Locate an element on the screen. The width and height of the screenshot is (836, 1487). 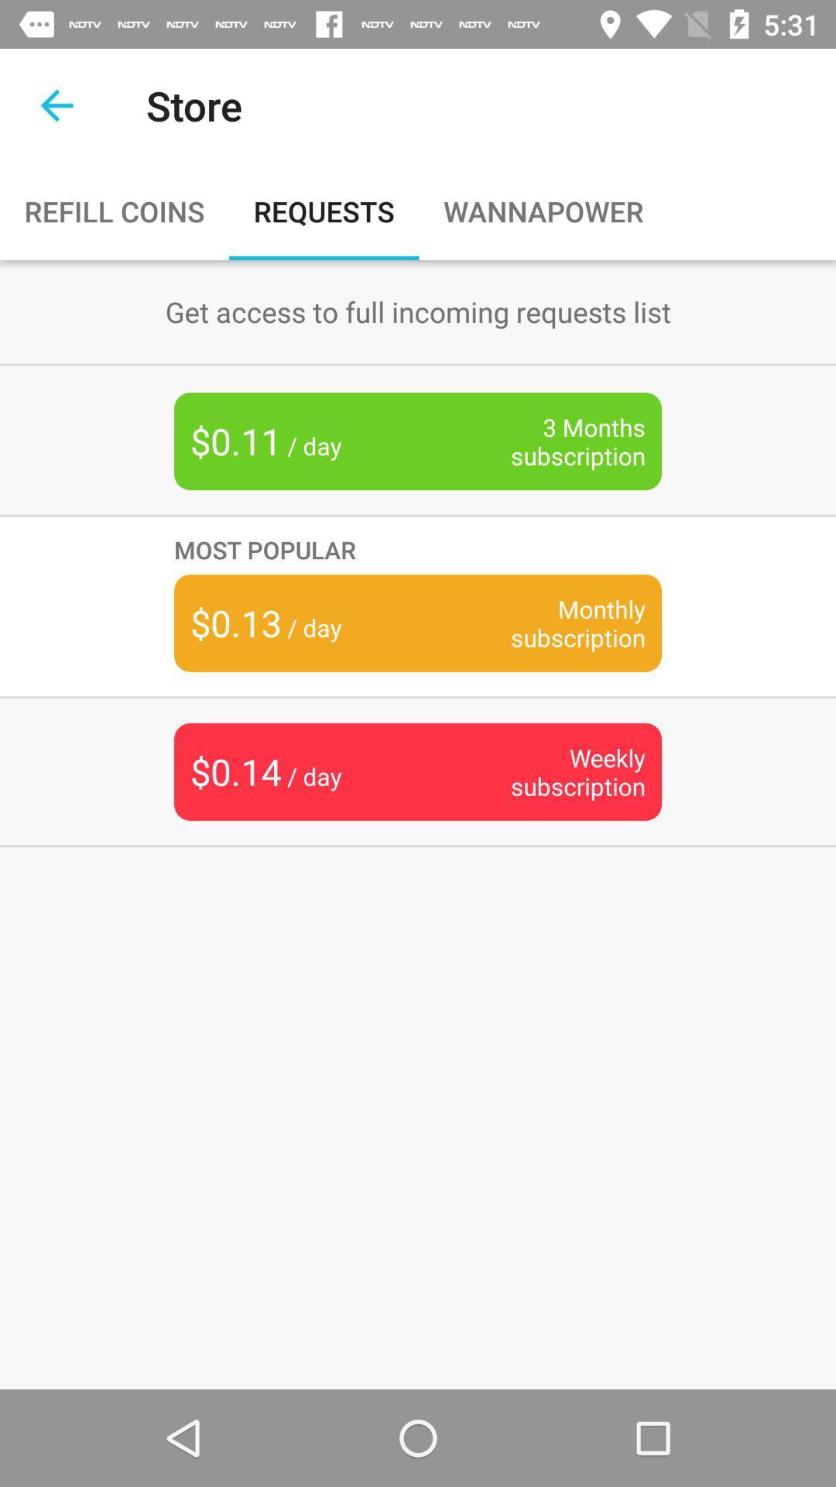
the get access to icon is located at coordinates (418, 311).